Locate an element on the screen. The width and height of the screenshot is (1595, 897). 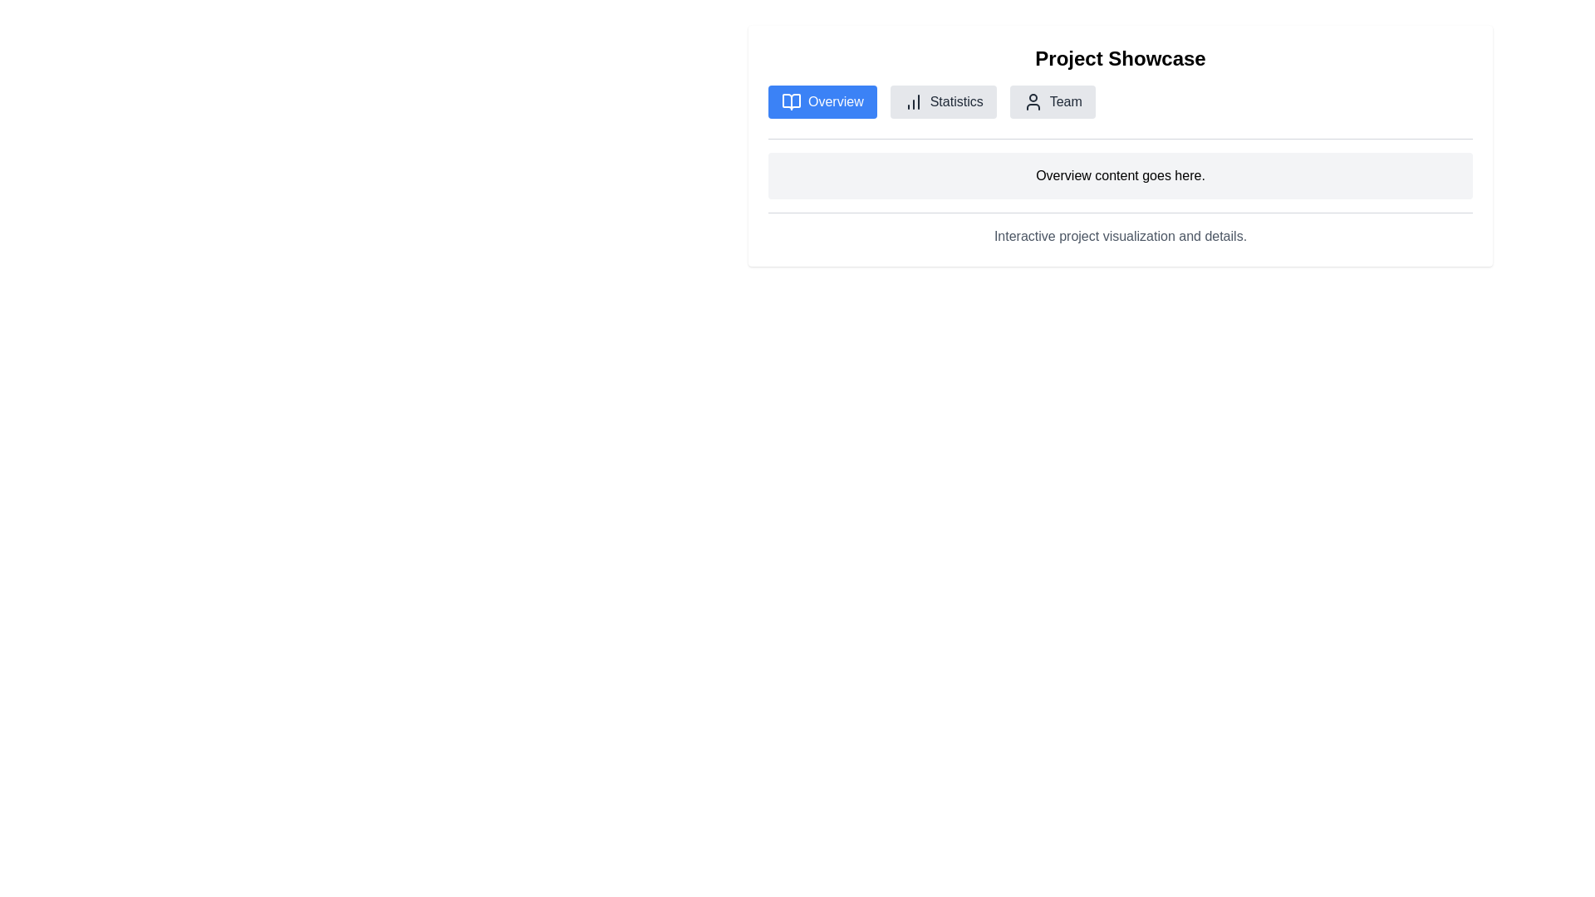
the content display box for the 'Overview' section, which is located below the tab navigation and above the descriptive text is located at coordinates (1120, 176).